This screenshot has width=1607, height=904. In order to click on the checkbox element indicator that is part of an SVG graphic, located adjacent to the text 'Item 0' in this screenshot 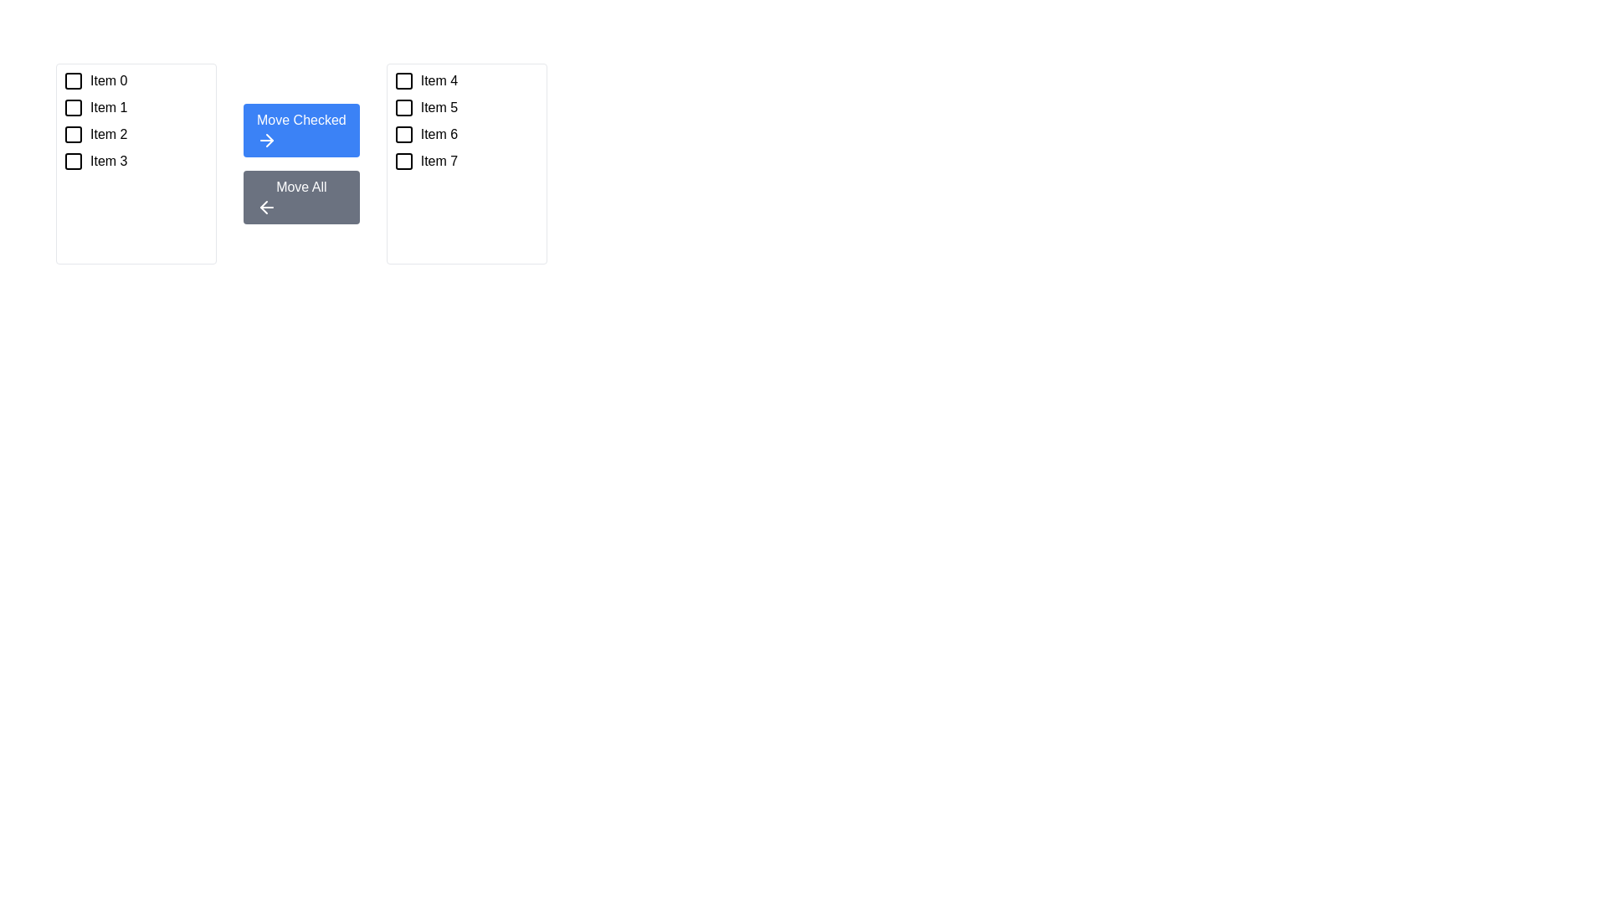, I will do `click(72, 80)`.